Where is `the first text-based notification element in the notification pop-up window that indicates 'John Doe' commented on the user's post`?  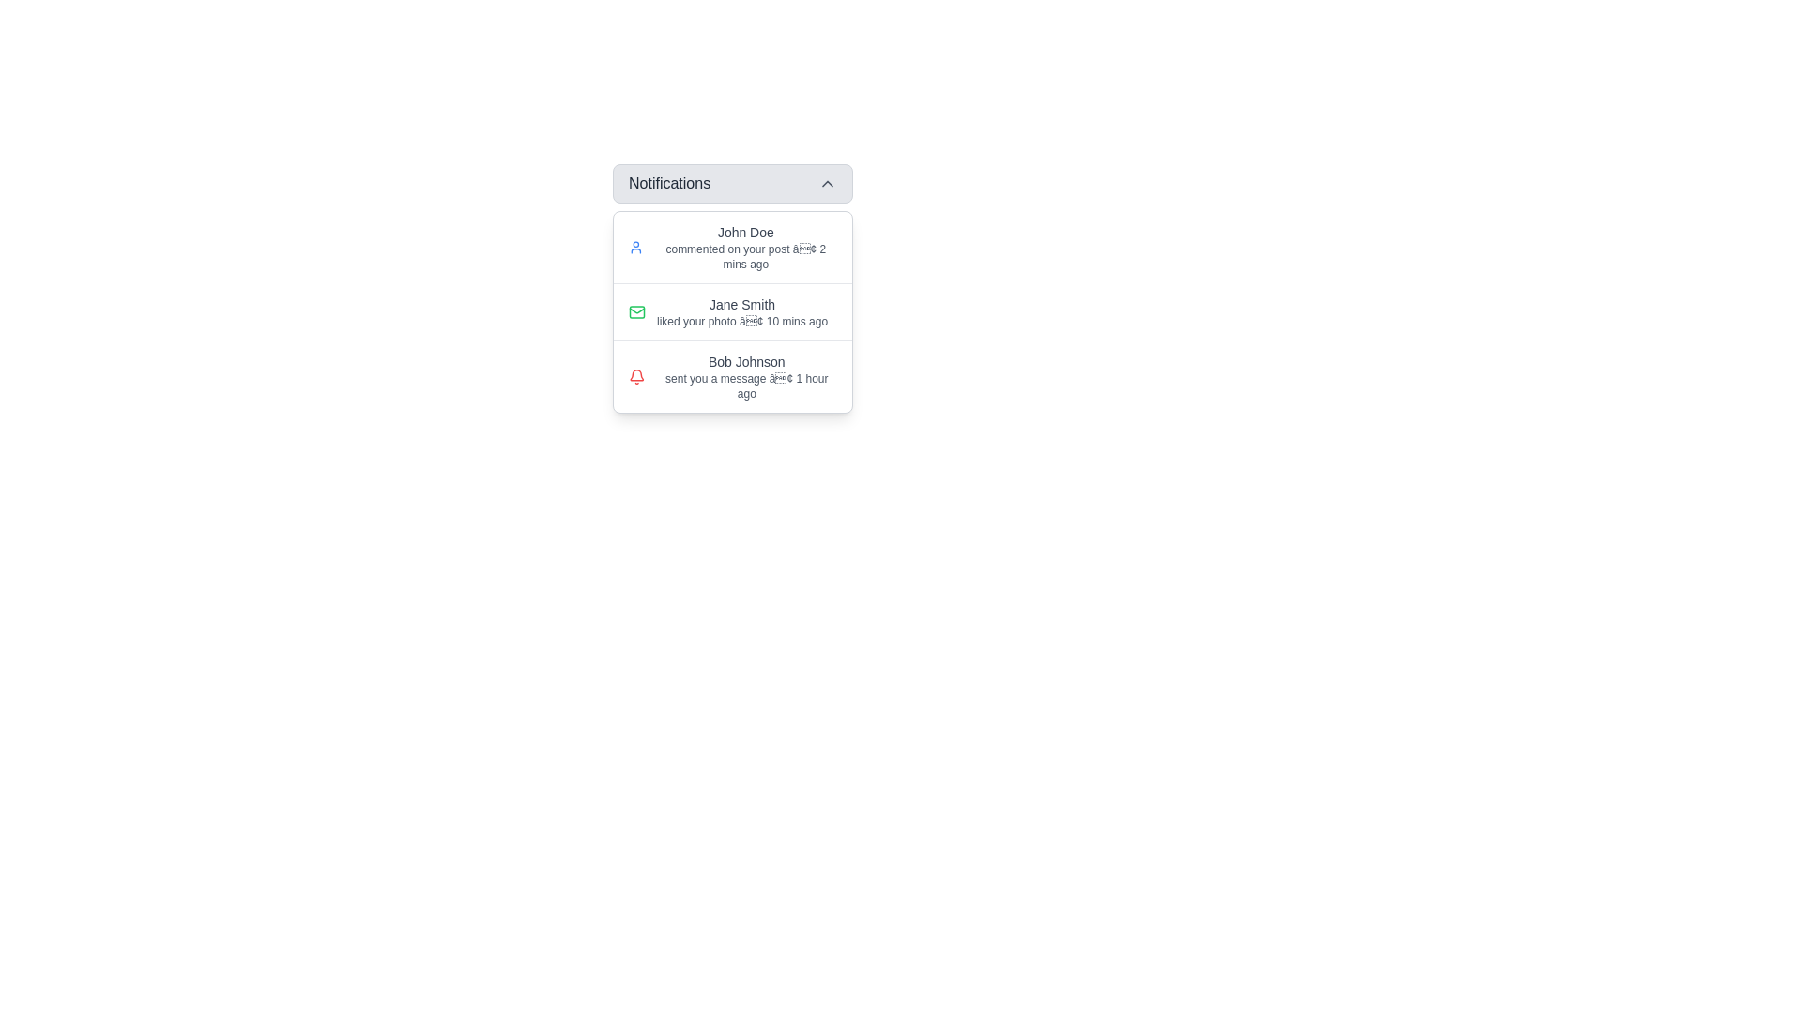
the first text-based notification element in the notification pop-up window that indicates 'John Doe' commented on the user's post is located at coordinates (744, 246).